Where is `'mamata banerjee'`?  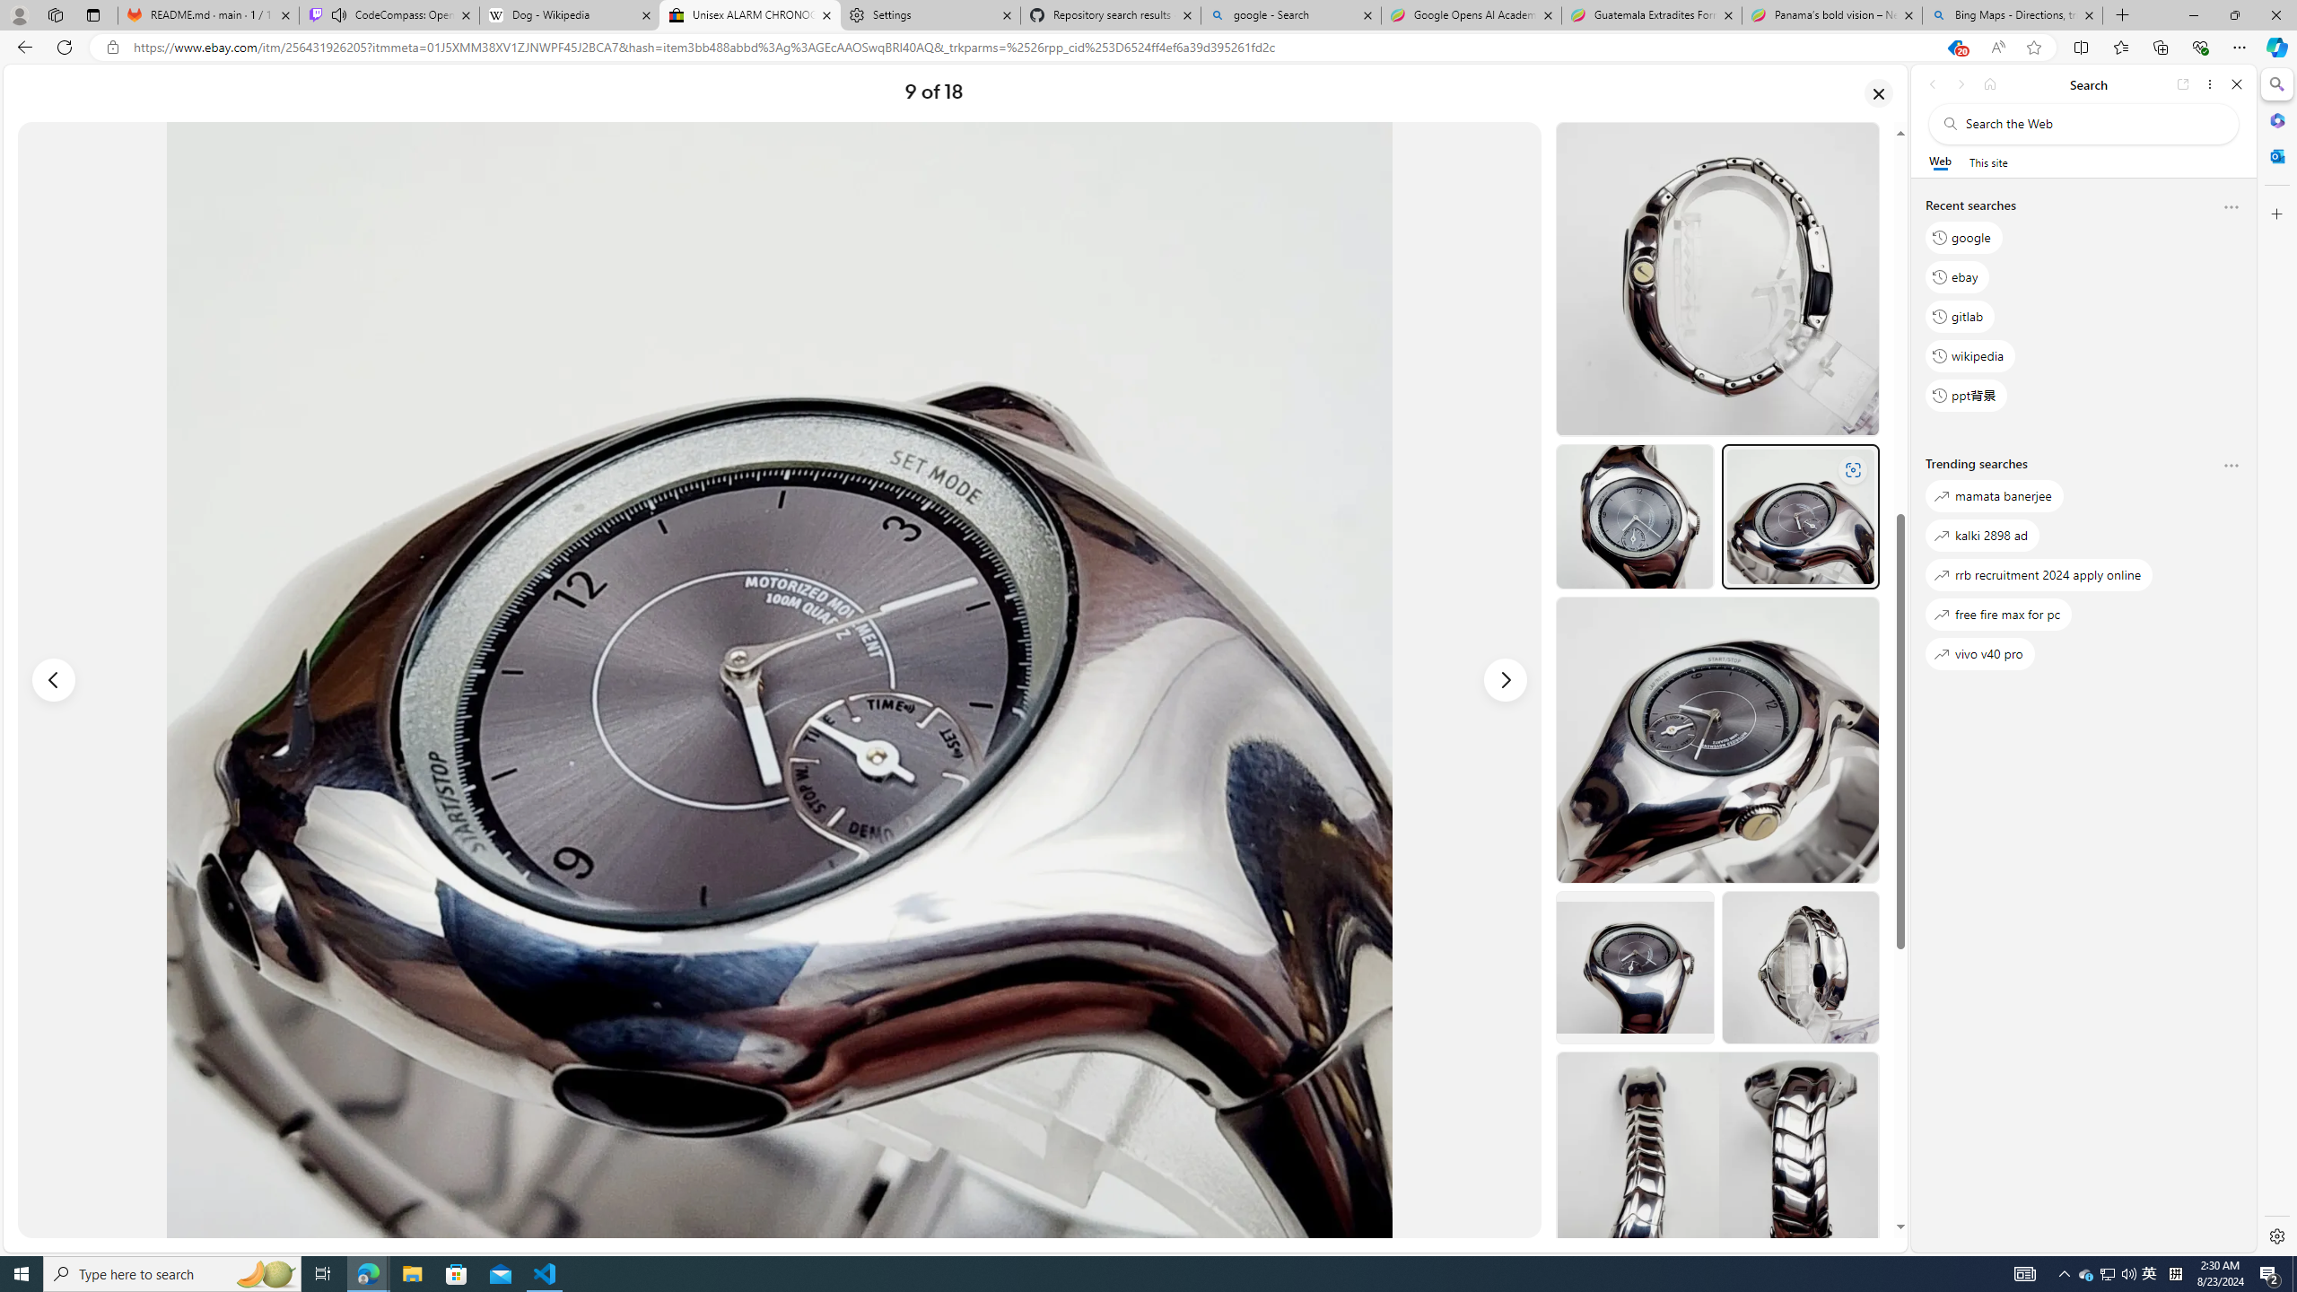
'mamata banerjee' is located at coordinates (1993, 495).